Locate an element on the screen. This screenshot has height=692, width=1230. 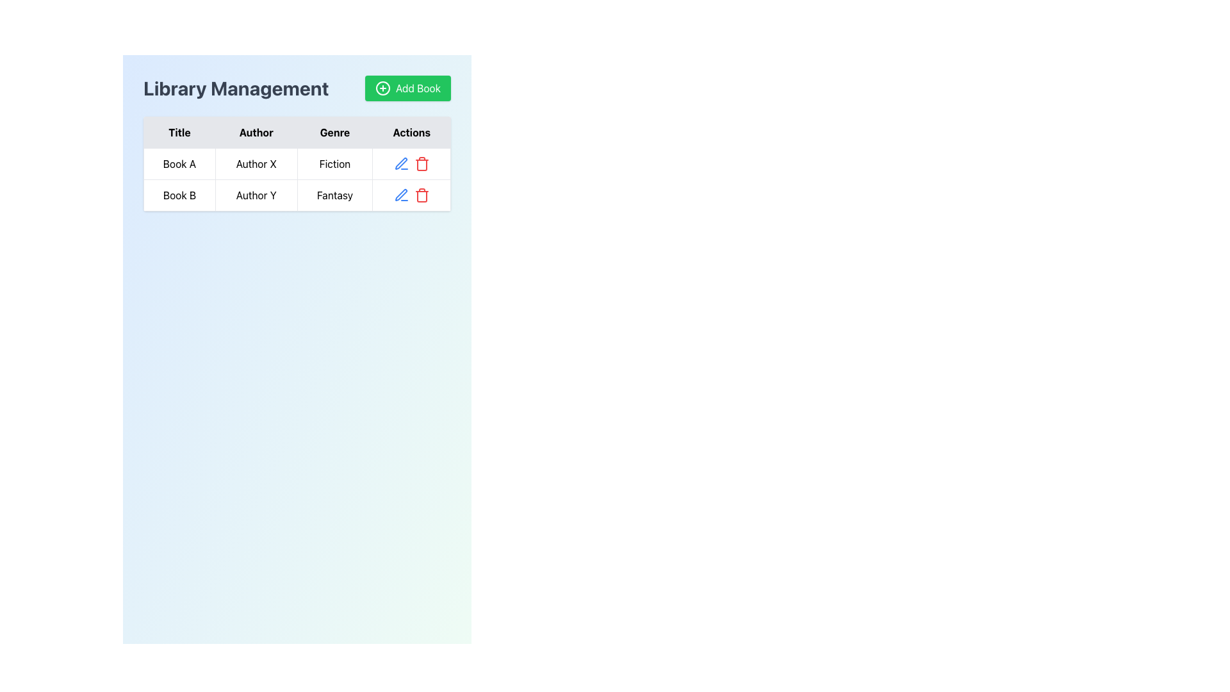
the 'Edit' icon button located in the Actions column of the second row for 'Book B' to initiate editing is located at coordinates (400, 162).